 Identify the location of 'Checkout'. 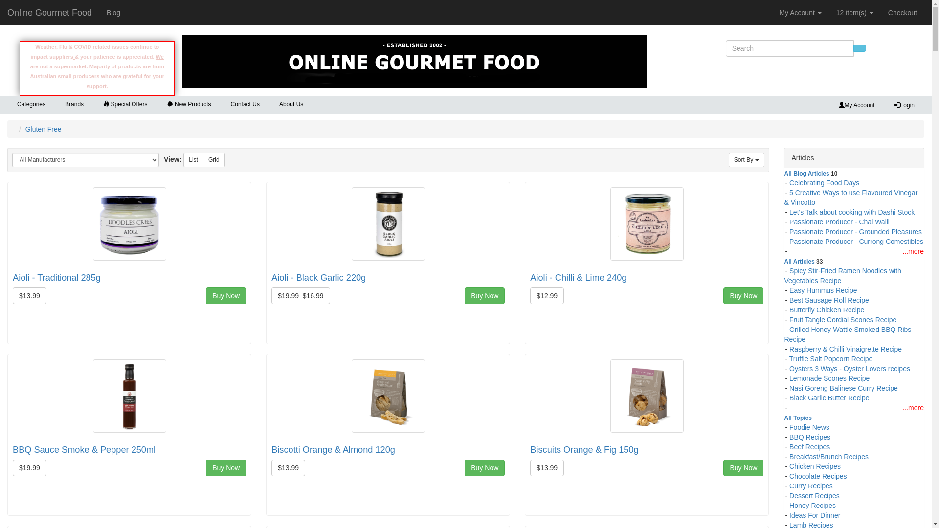
(880, 13).